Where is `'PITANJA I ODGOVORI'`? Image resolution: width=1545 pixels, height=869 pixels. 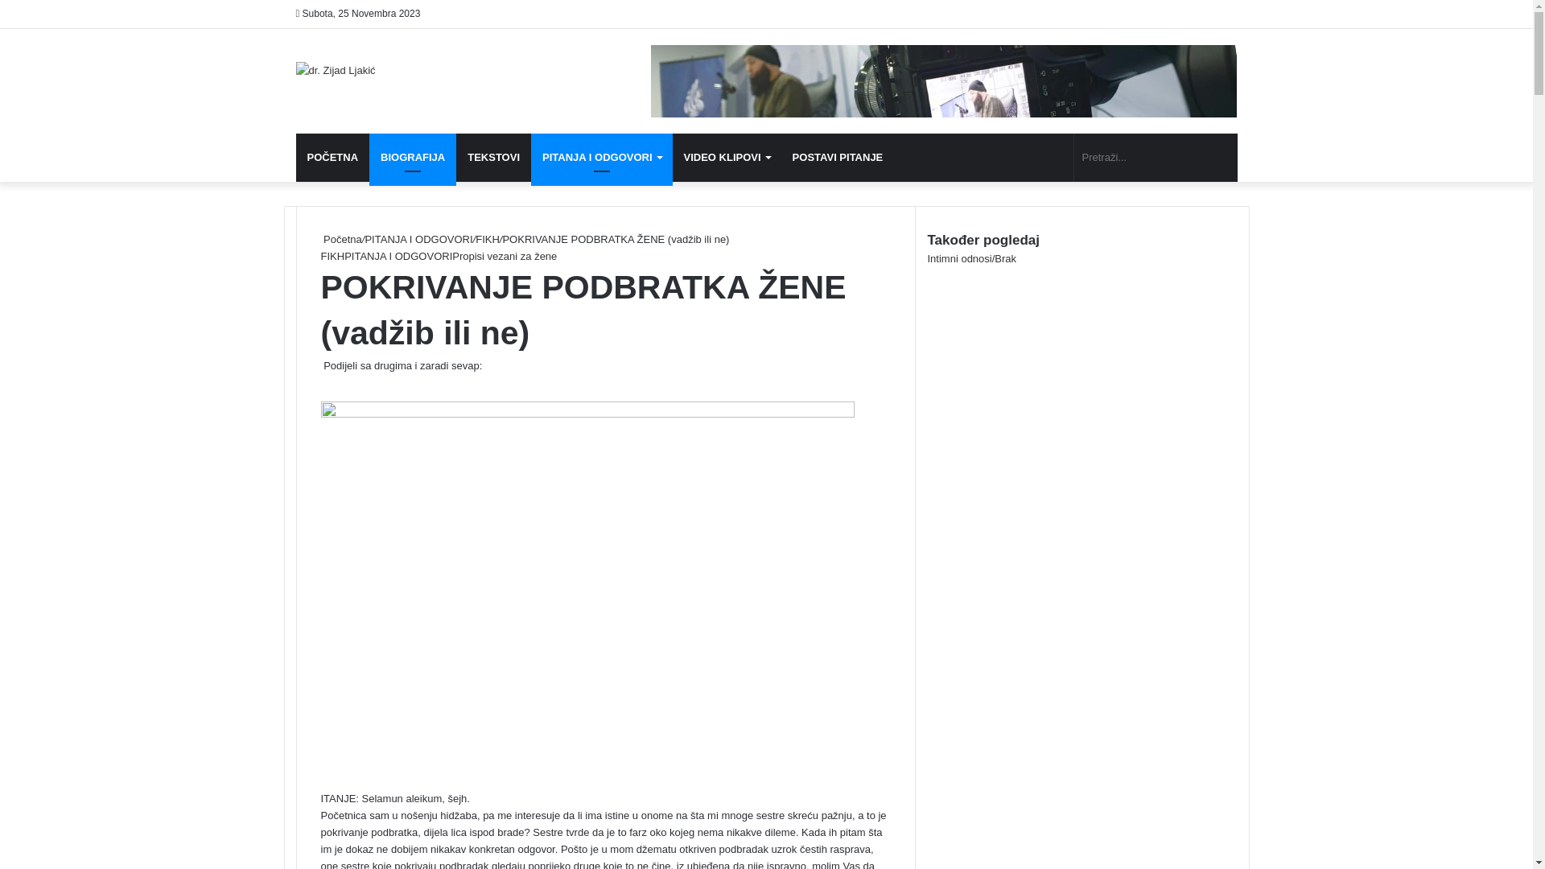 'PITANJA I ODGOVORI' is located at coordinates (418, 239).